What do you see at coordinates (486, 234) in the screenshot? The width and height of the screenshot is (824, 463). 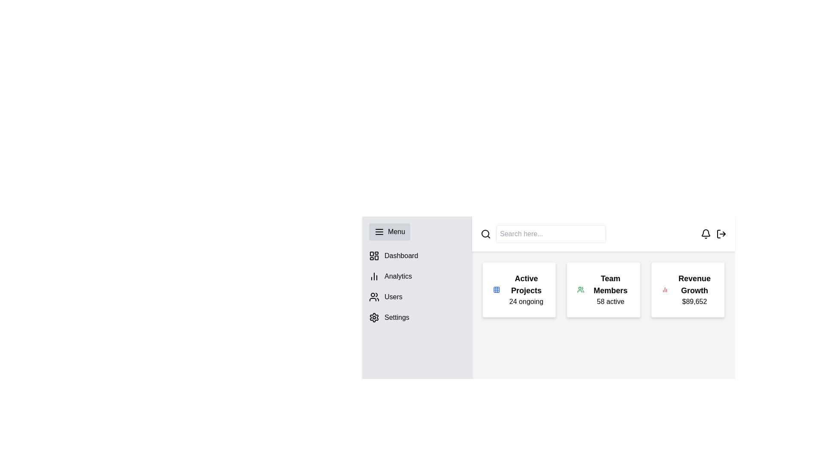 I see `the magnifying glass icon located at the left end of the horizontal bar, immediately to the left of the 'Search here...' text box` at bounding box center [486, 234].